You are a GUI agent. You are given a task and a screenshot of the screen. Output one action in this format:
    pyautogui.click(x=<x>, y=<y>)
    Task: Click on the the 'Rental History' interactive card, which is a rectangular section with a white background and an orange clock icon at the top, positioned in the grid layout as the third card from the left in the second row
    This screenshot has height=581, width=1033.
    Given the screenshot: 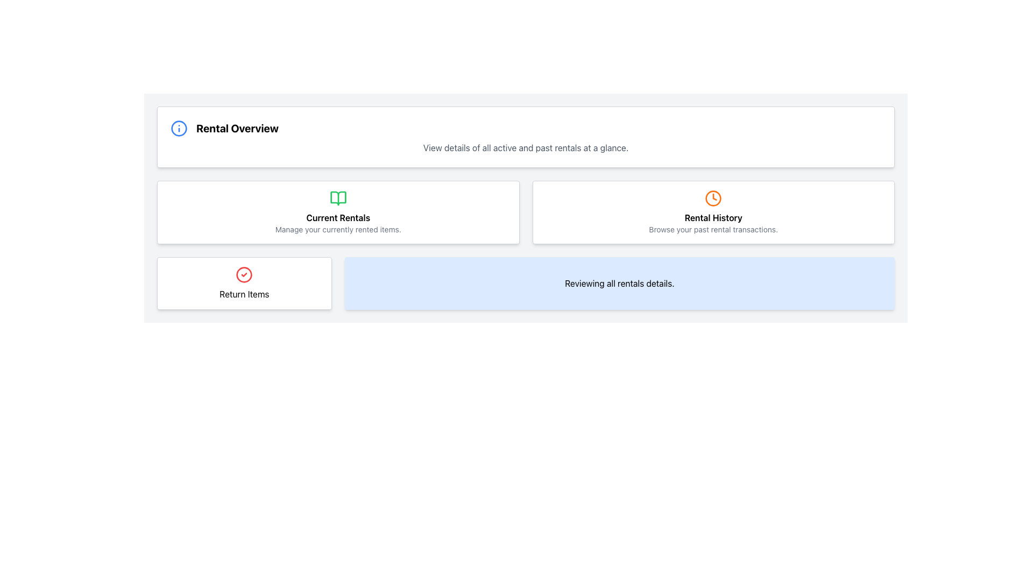 What is the action you would take?
    pyautogui.click(x=713, y=212)
    